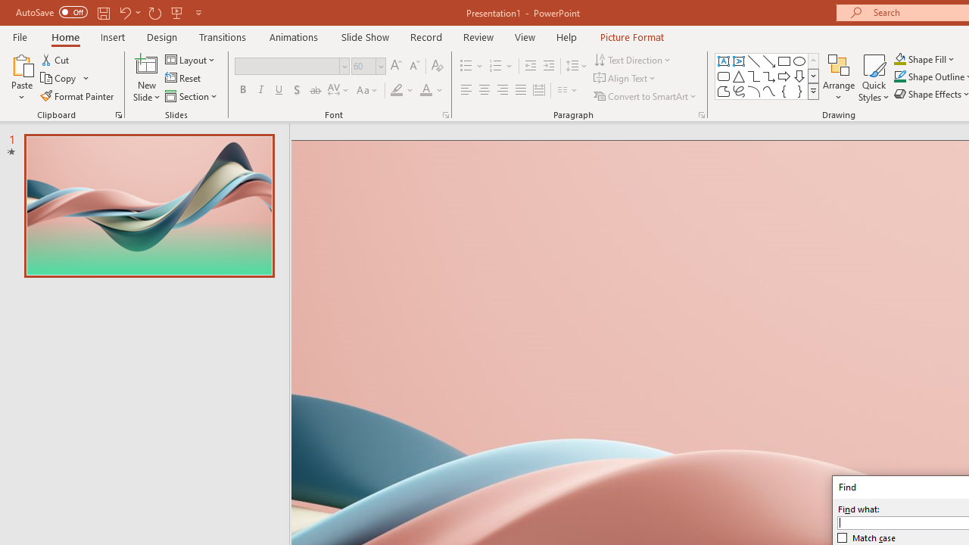  I want to click on 'Decrease Font Size', so click(414, 65).